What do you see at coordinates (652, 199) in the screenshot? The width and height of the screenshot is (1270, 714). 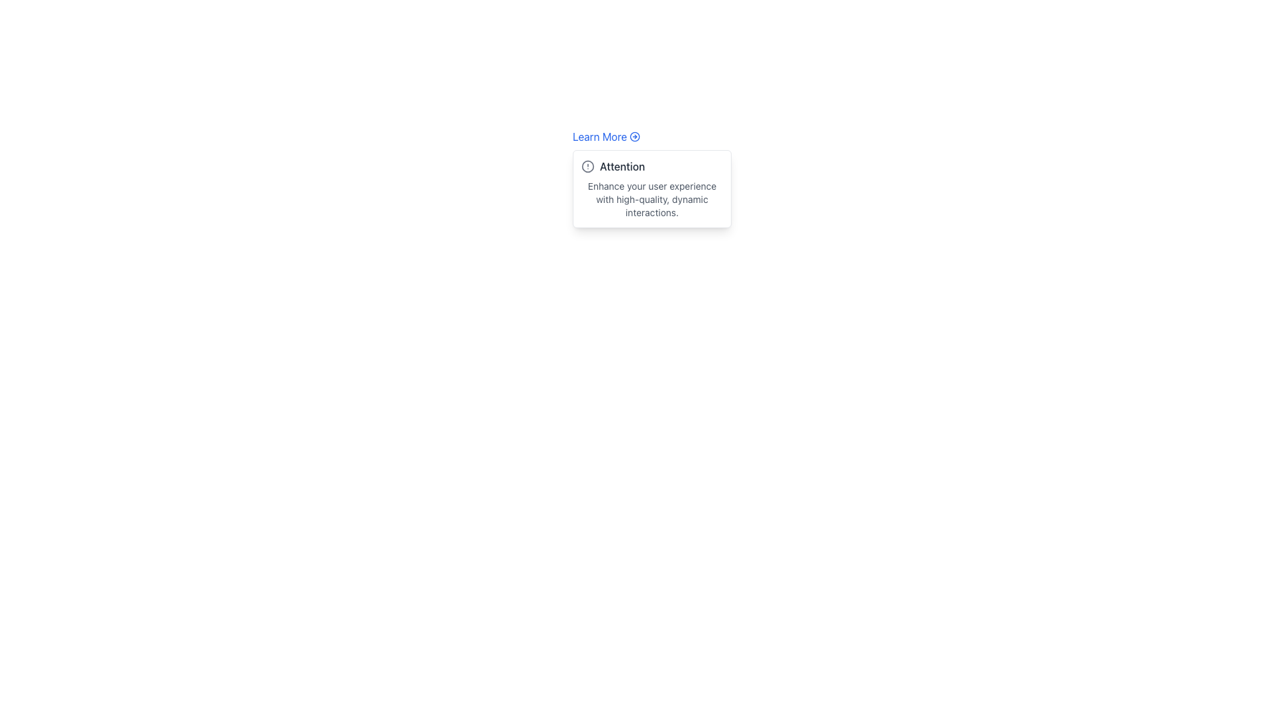 I see `the Text block element with gray font color that reads 'Enhance your user experience with high-quality, dynamic interactions', located below the heading 'Attention'` at bounding box center [652, 199].